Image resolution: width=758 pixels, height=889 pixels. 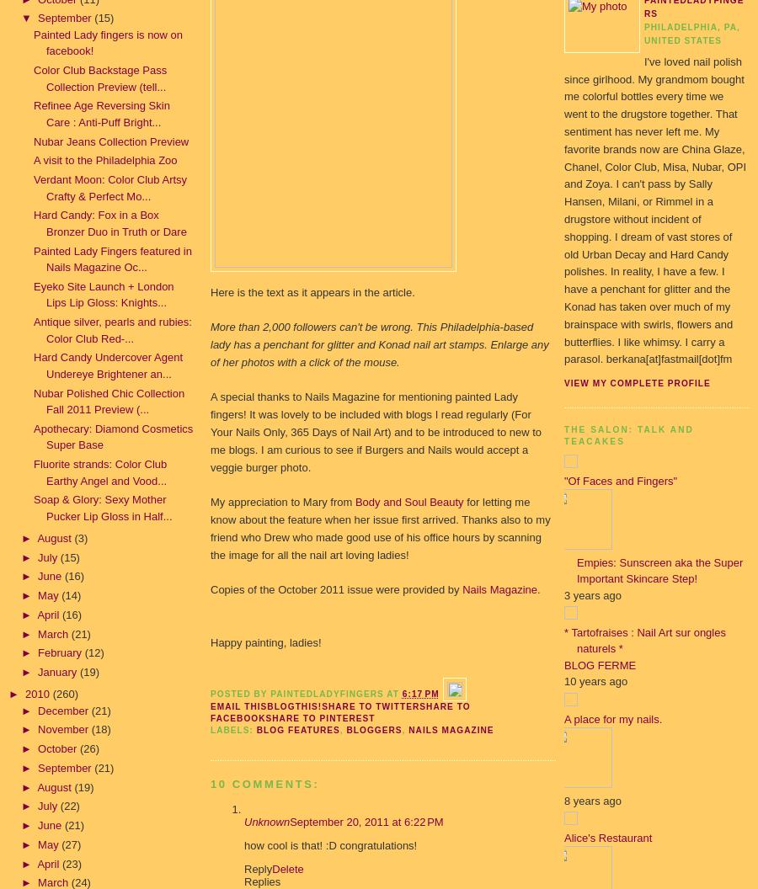 I want to click on '(18)', so click(x=90, y=728).